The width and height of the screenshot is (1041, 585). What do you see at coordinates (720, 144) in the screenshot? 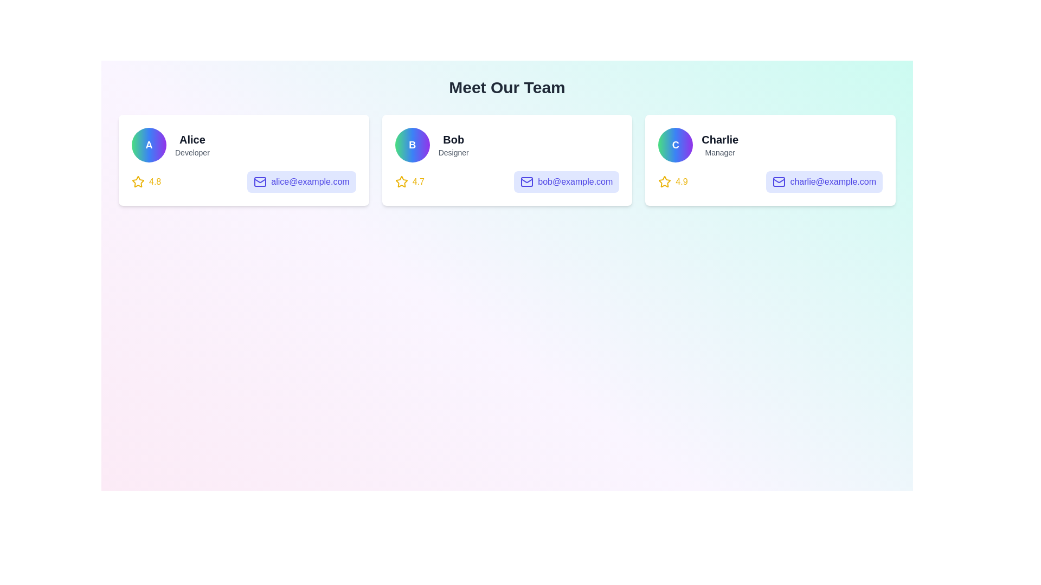
I see `the text element displaying 'Charlie' in bold dark gray and 'Manager' in light gray, located in the third profile card from the left, above the email address and rating information` at bounding box center [720, 144].